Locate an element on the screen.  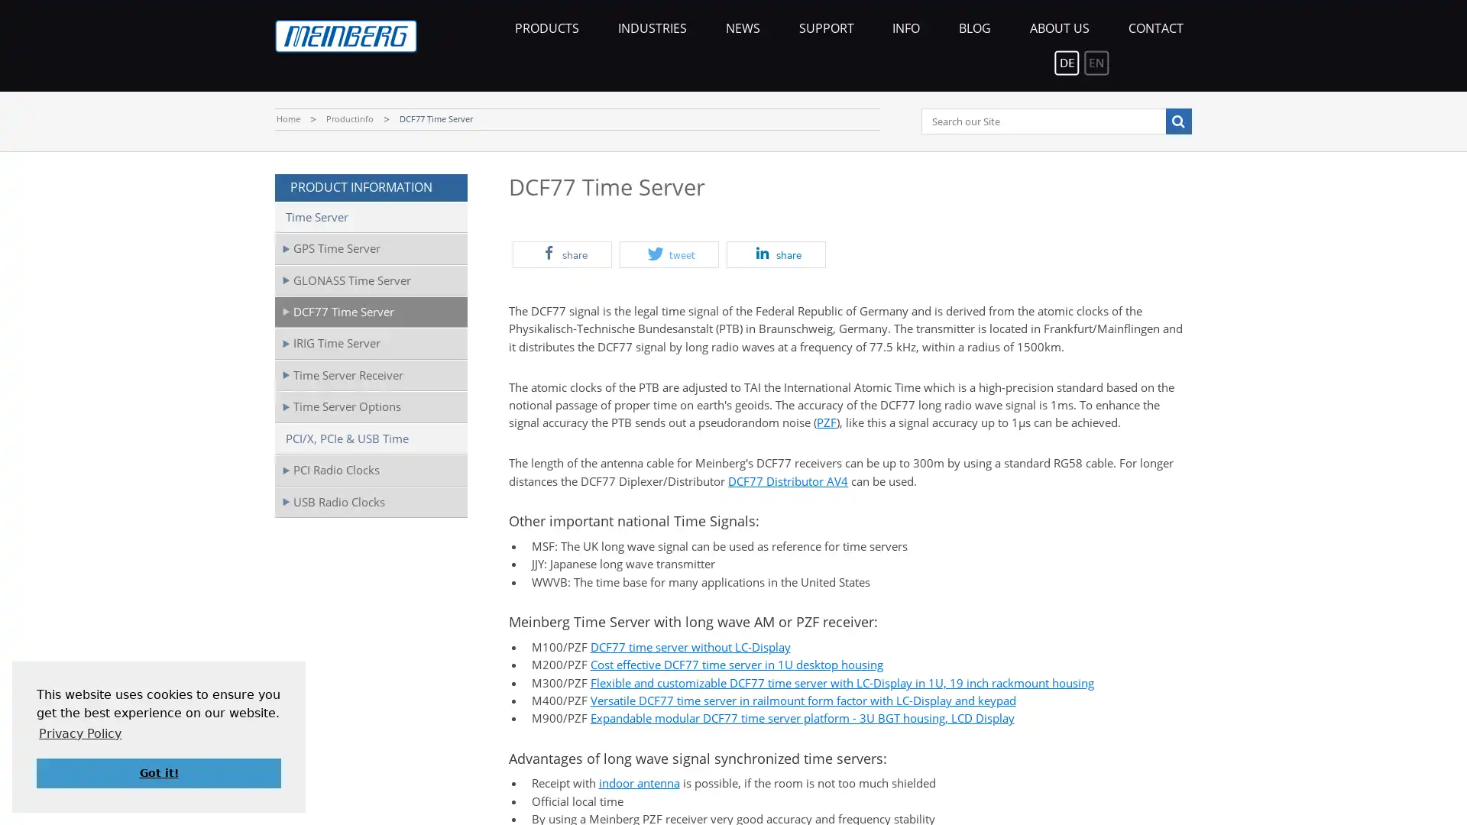
Share on Facebook is located at coordinates (561, 254).